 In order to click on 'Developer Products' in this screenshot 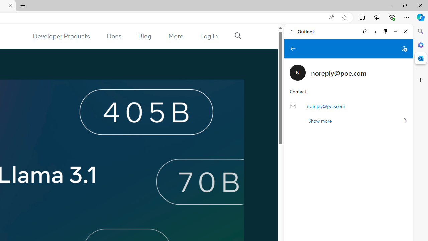, I will do `click(61, 36)`.